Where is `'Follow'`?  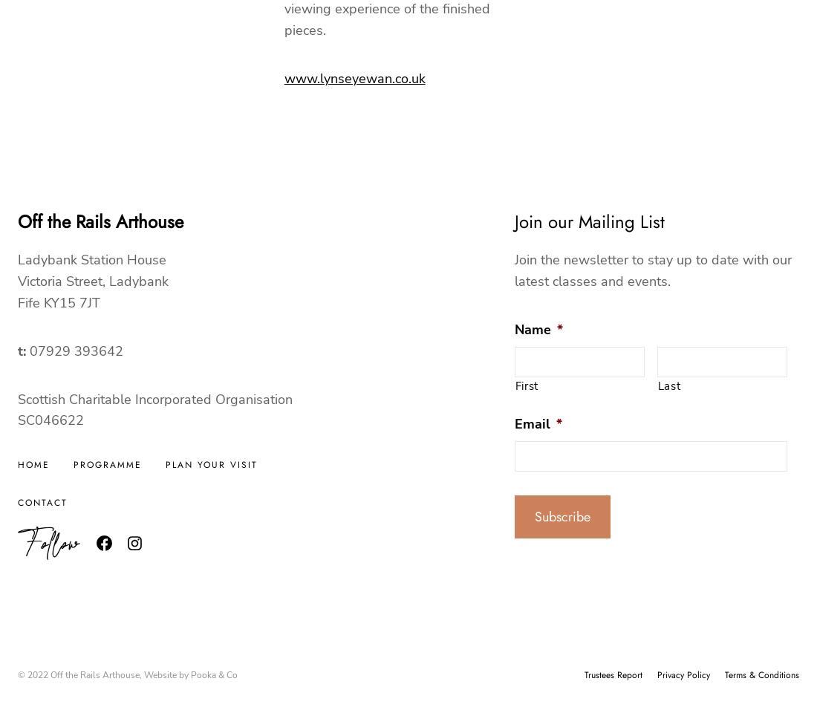
'Follow' is located at coordinates (47, 542).